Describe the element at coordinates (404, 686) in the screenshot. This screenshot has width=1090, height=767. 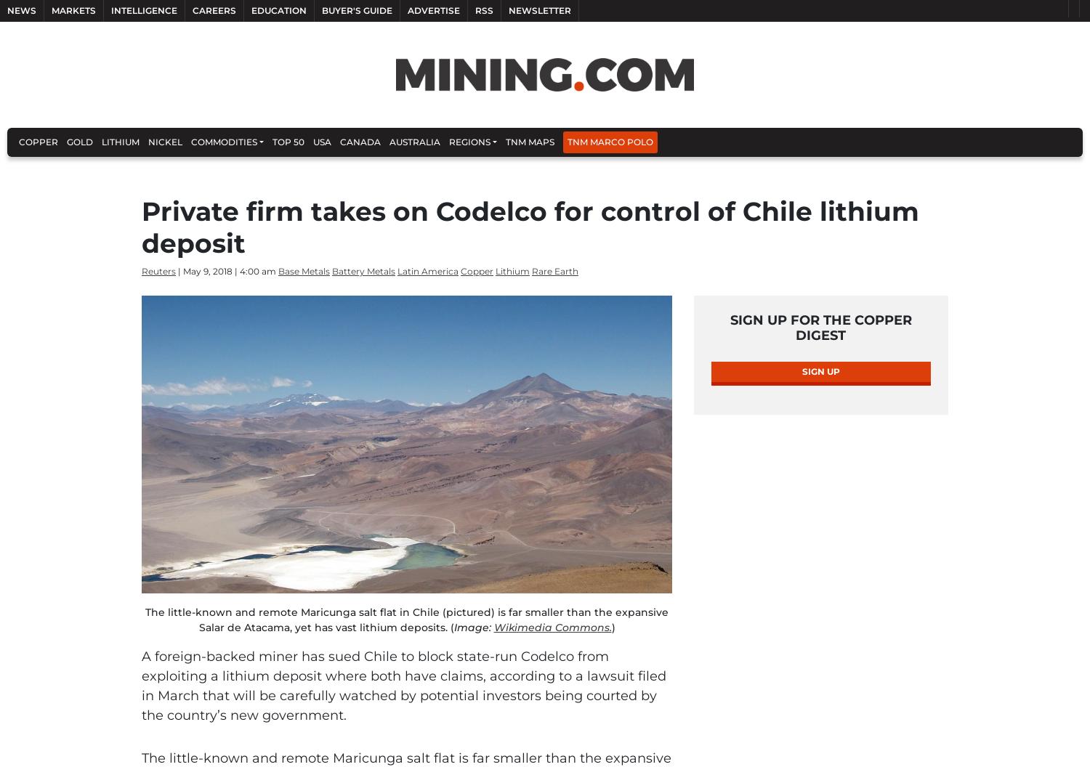
I see `'to block state-run Codelco from exploiting a lithium deposit where both have claims, according to a lawsuit filed in March that will be carefully watched by potential investors being courted by the country’s new government.'` at that location.